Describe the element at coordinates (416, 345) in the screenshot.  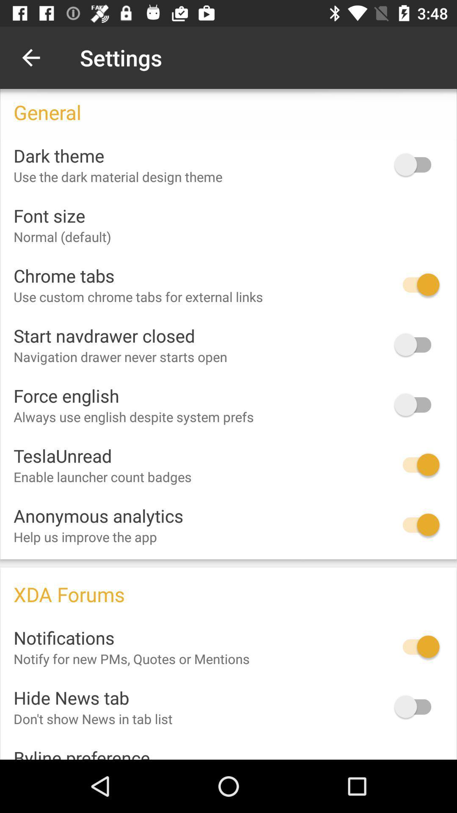
I see `turn on navigation drawer` at that location.